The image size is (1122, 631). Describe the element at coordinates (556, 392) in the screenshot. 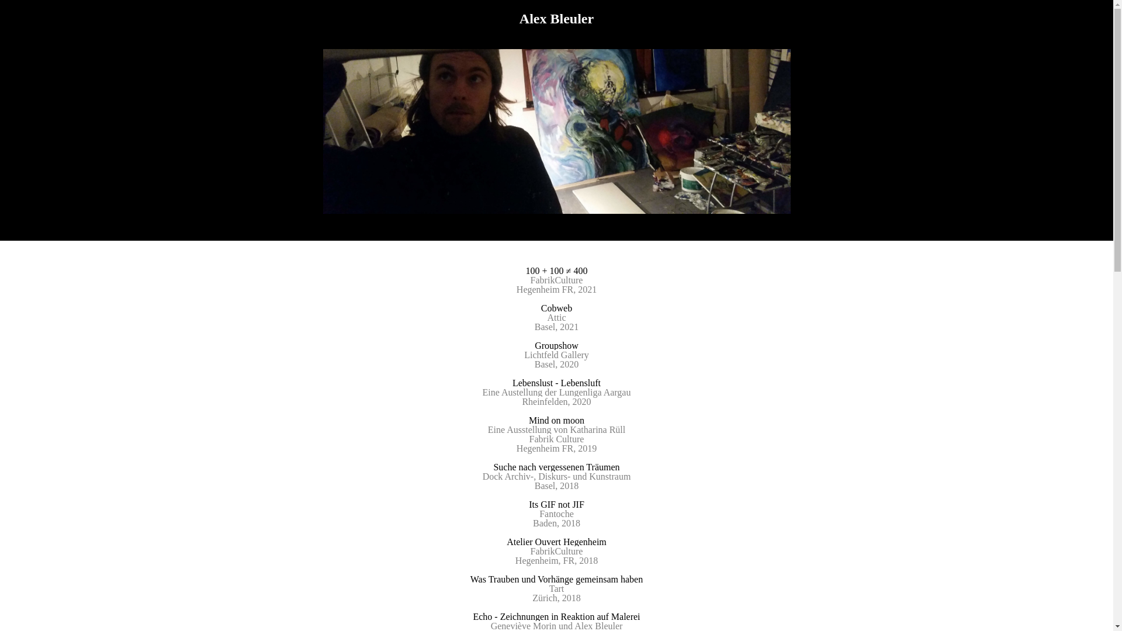

I see `'Eine Austellung der Lungenliga Aargau'` at that location.